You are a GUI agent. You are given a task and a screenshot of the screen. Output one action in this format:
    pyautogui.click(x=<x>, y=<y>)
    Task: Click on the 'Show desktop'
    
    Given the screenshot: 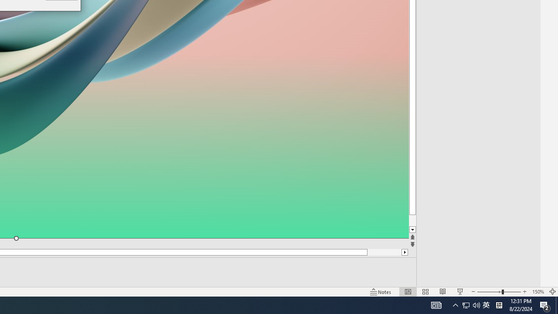 What is the action you would take?
    pyautogui.click(x=556, y=304)
    